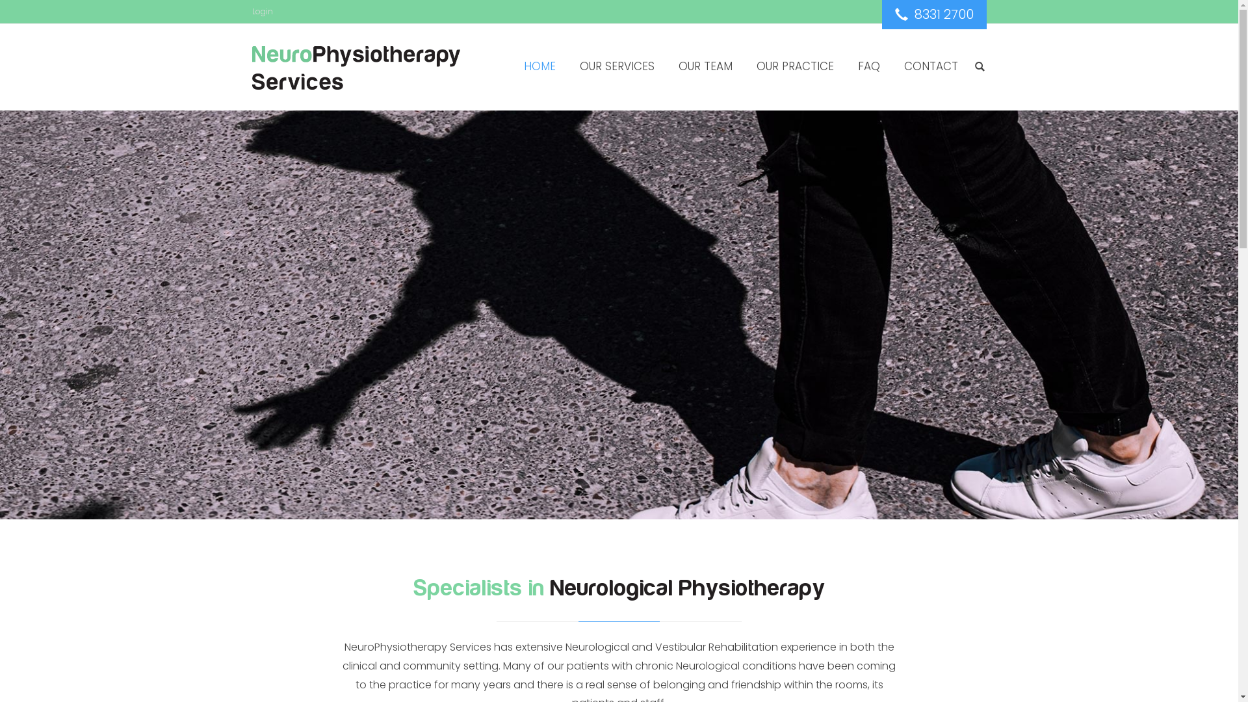  What do you see at coordinates (869, 66) in the screenshot?
I see `'FAQ'` at bounding box center [869, 66].